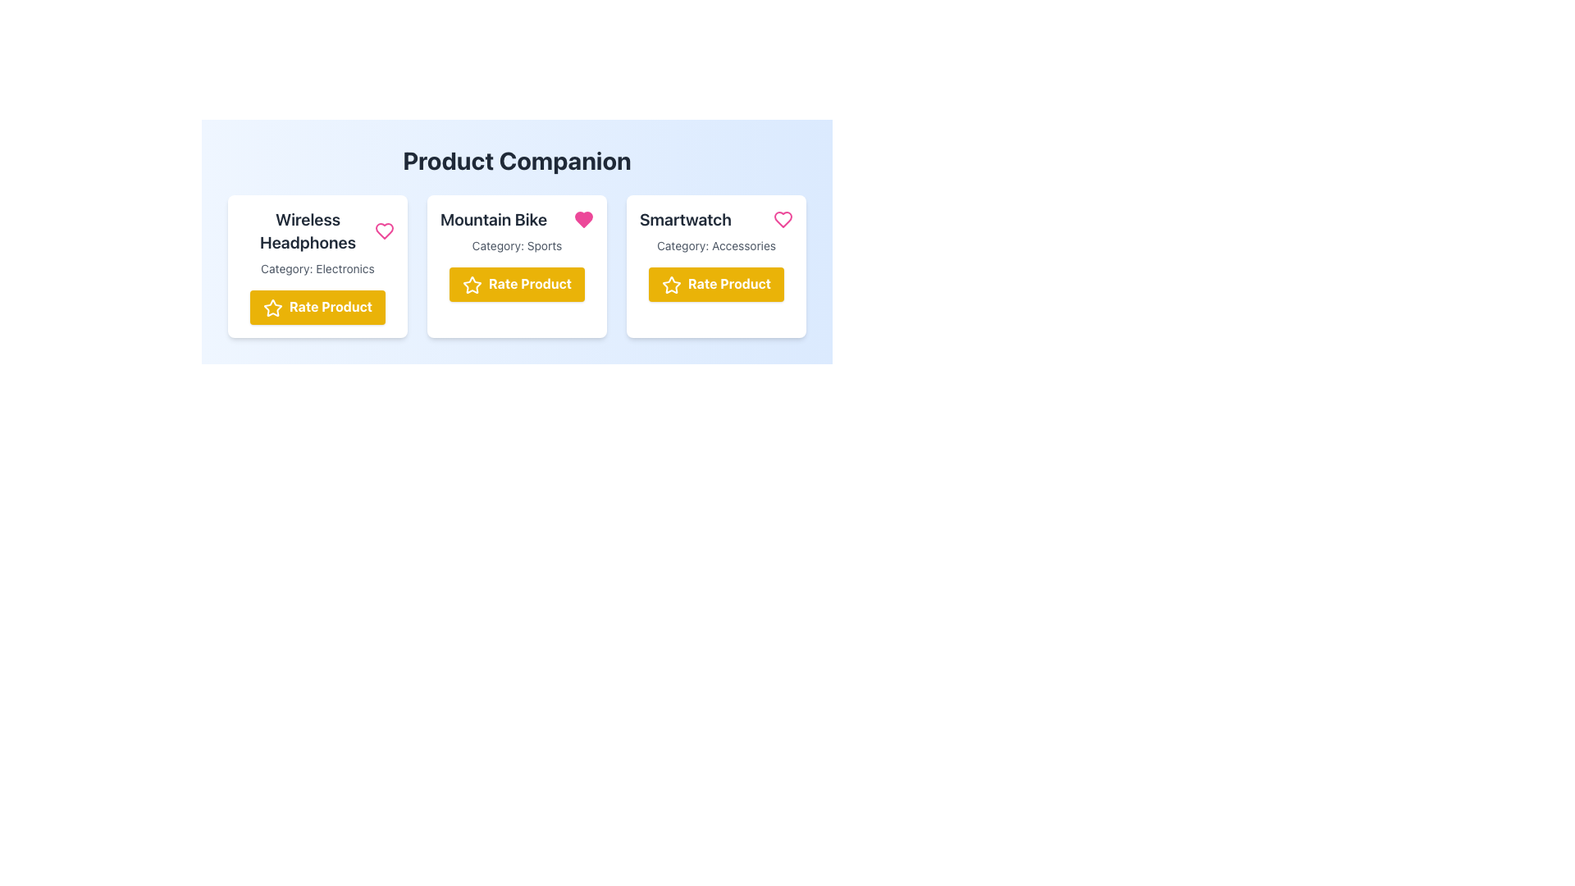  I want to click on the second button or interactive icon for the item related to 'Wireless Headphones', so click(384, 231).